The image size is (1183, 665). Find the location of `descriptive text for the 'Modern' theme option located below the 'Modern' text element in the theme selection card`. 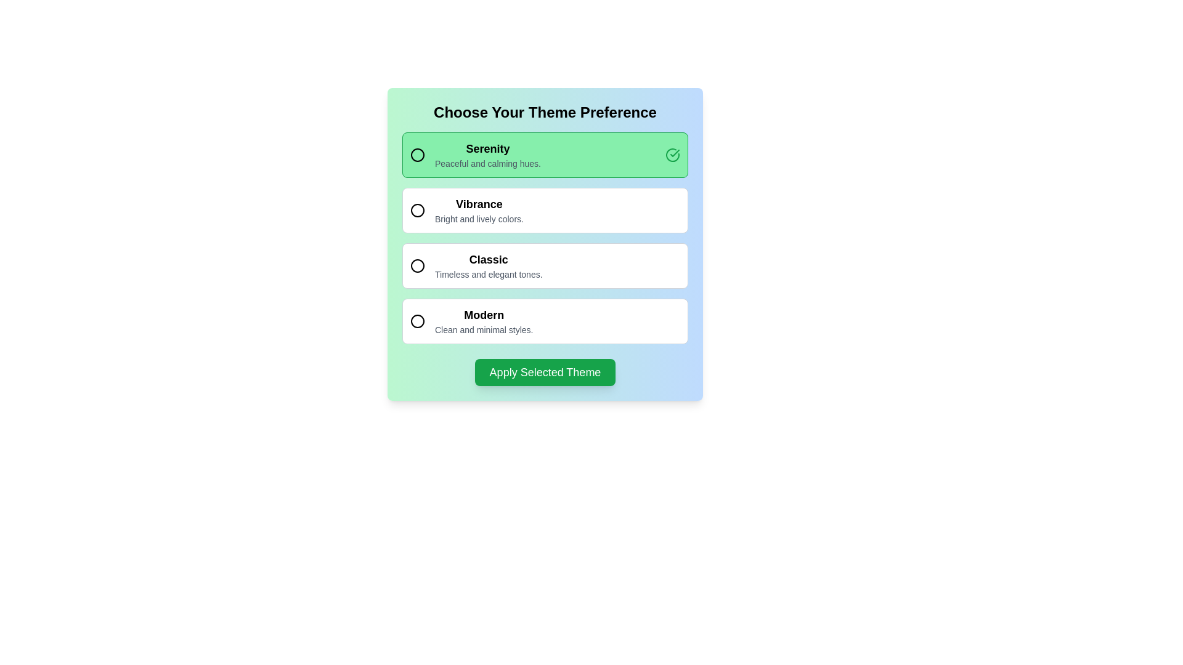

descriptive text for the 'Modern' theme option located below the 'Modern' text element in the theme selection card is located at coordinates (483, 329).